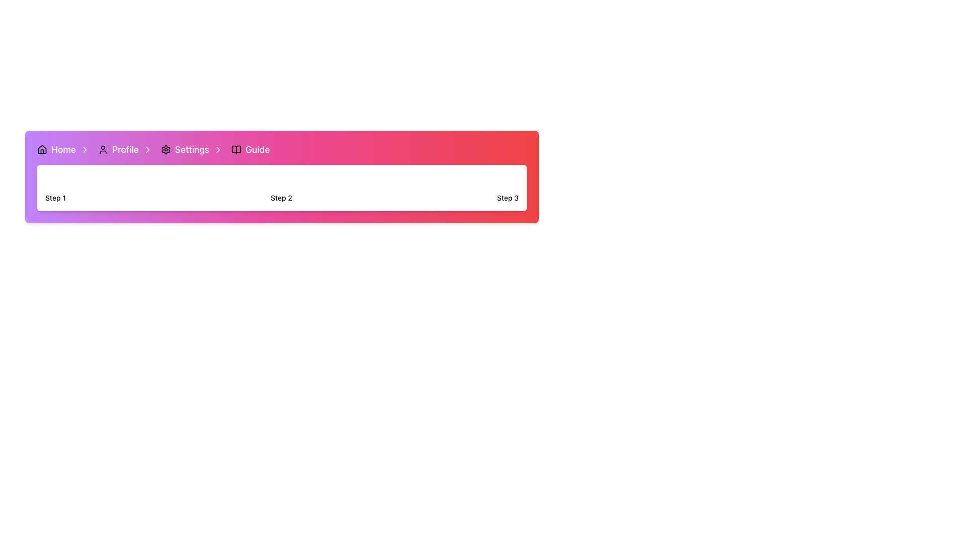 The height and width of the screenshot is (543, 966). What do you see at coordinates (63, 149) in the screenshot?
I see `the 'Home' text label in the breadcrumb navigation interface, located in the top-left section of the navigation bar` at bounding box center [63, 149].